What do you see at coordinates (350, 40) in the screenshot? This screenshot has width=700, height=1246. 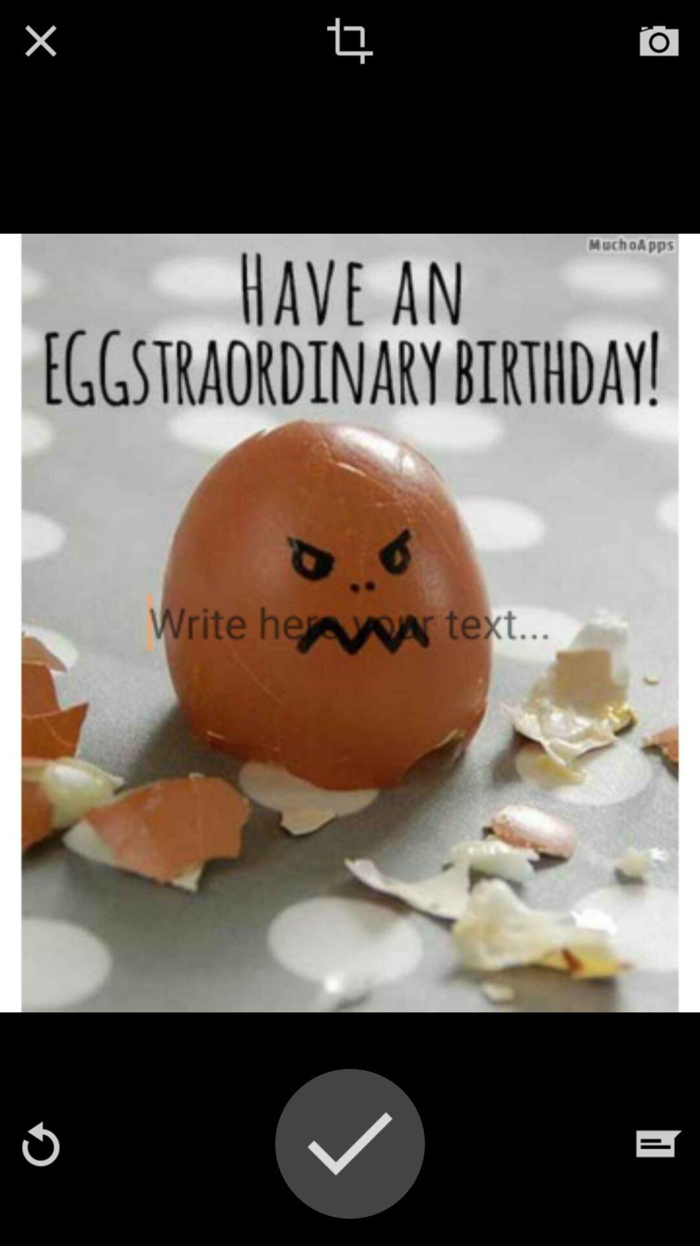 I see `this button in dawn image` at bounding box center [350, 40].